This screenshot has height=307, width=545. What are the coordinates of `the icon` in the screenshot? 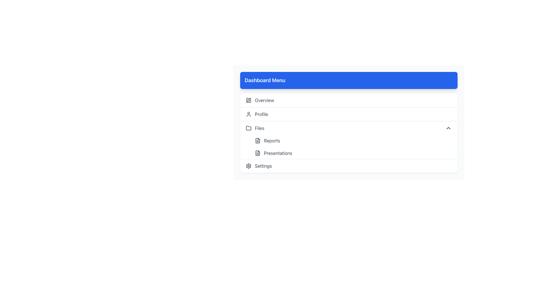 It's located at (448, 128).